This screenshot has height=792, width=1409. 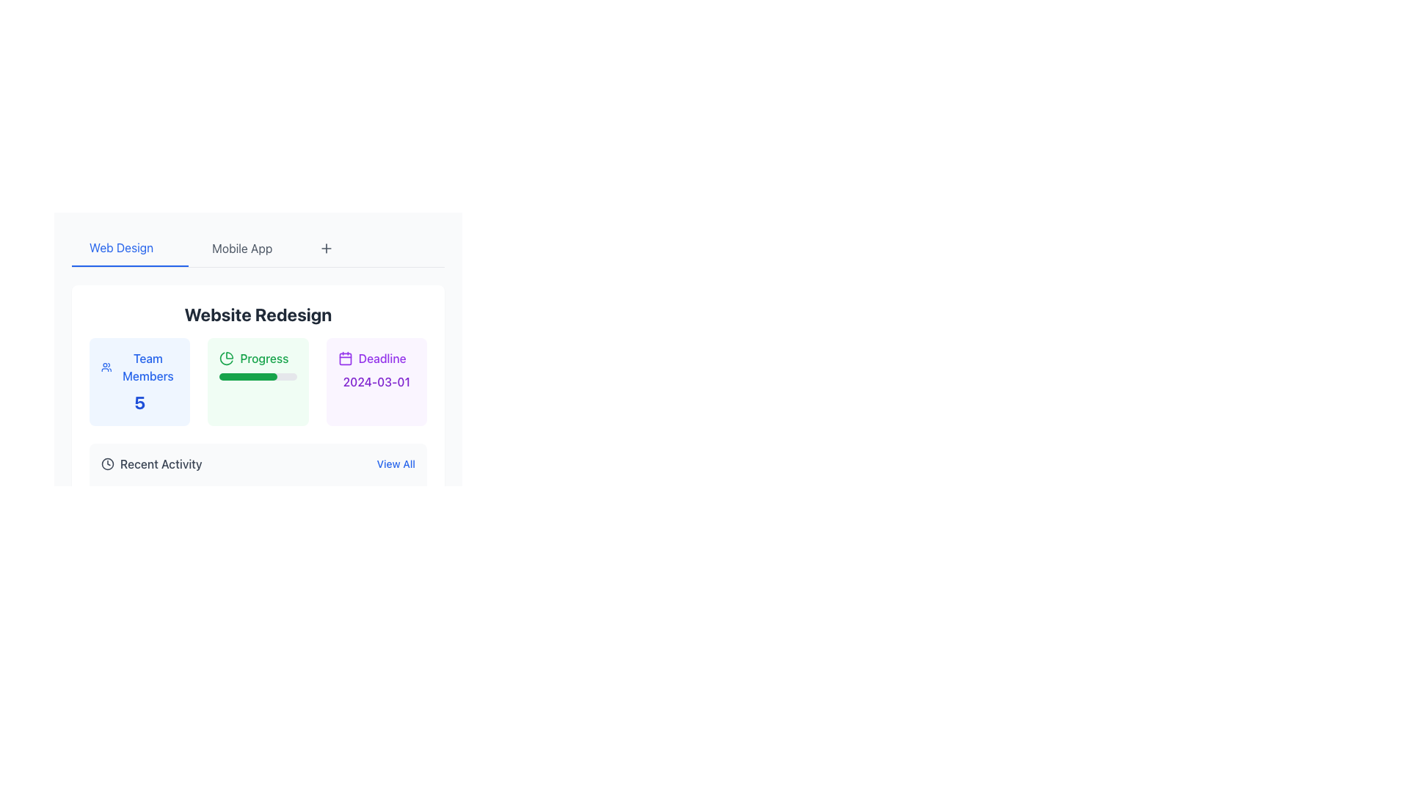 What do you see at coordinates (148, 367) in the screenshot?
I see `the 'Team Members' text label styled in blue within the card structure` at bounding box center [148, 367].